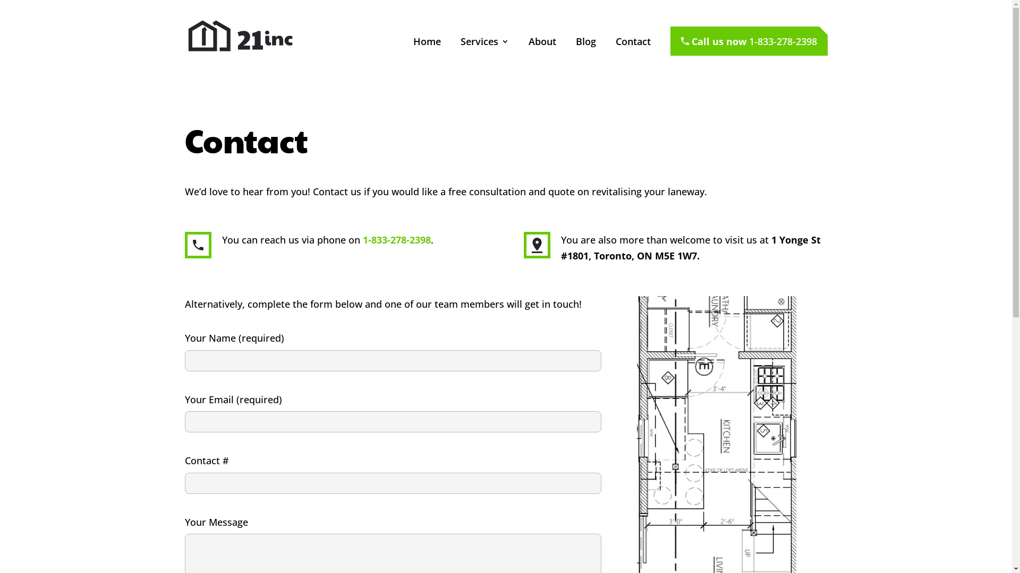 The width and height of the screenshot is (1020, 573). I want to click on 'Services', so click(483, 55).